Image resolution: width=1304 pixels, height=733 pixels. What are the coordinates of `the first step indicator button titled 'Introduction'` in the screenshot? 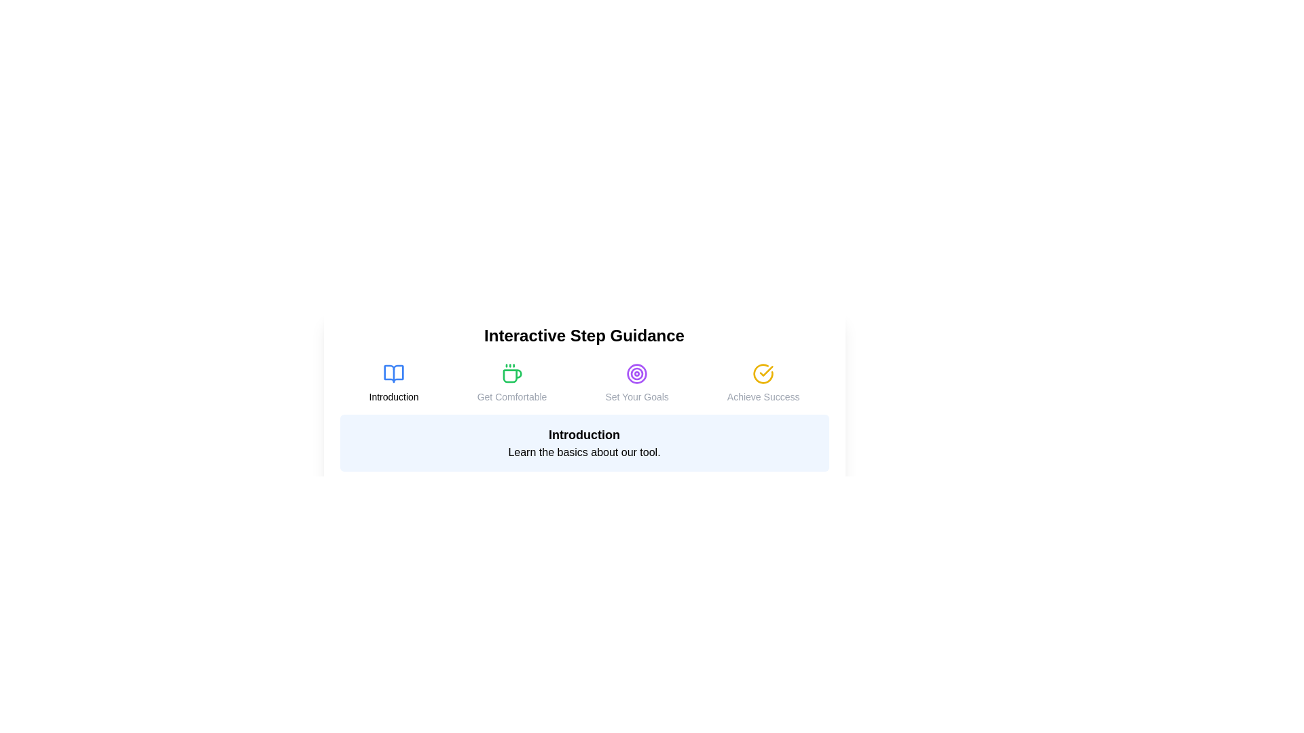 It's located at (393, 383).